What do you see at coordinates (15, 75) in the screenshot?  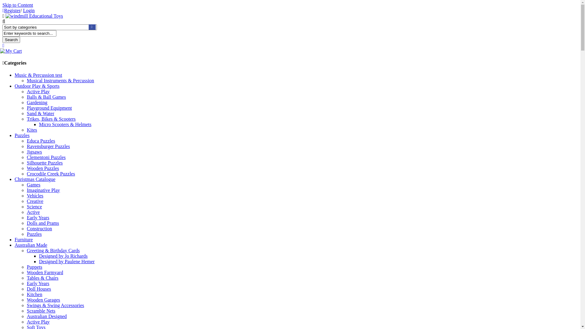 I see `'Music & Percussion test'` at bounding box center [15, 75].